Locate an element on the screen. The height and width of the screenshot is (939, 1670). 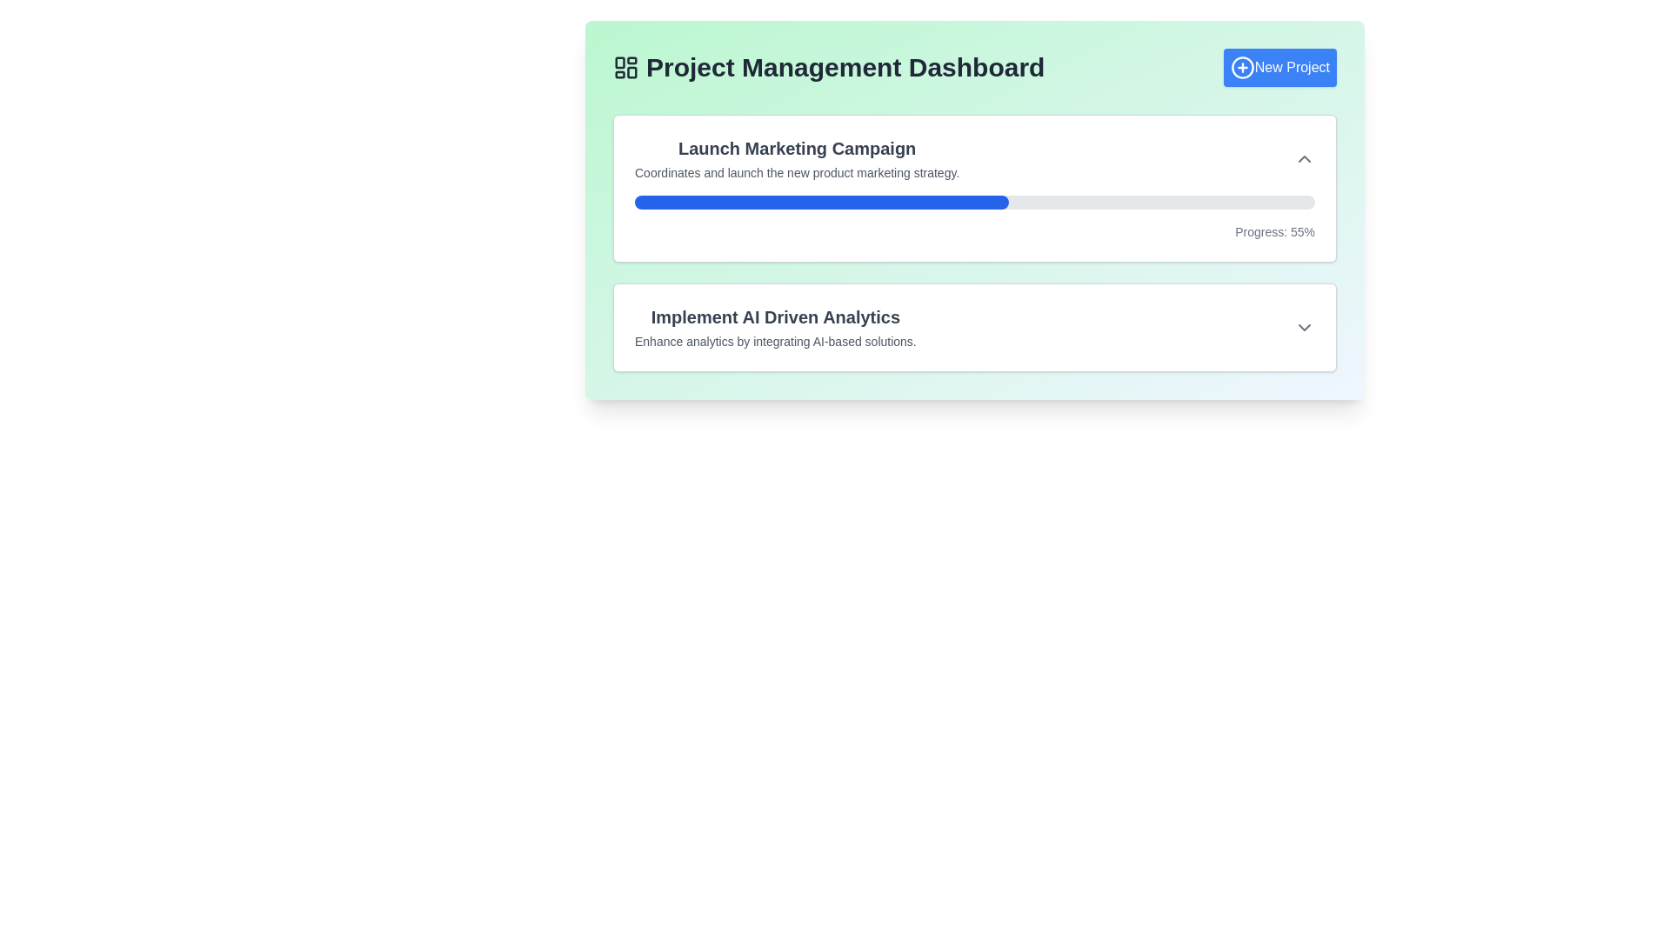
progress is located at coordinates (723, 201).